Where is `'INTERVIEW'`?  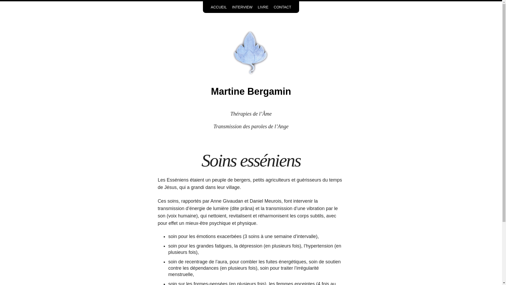 'INTERVIEW' is located at coordinates (242, 7).